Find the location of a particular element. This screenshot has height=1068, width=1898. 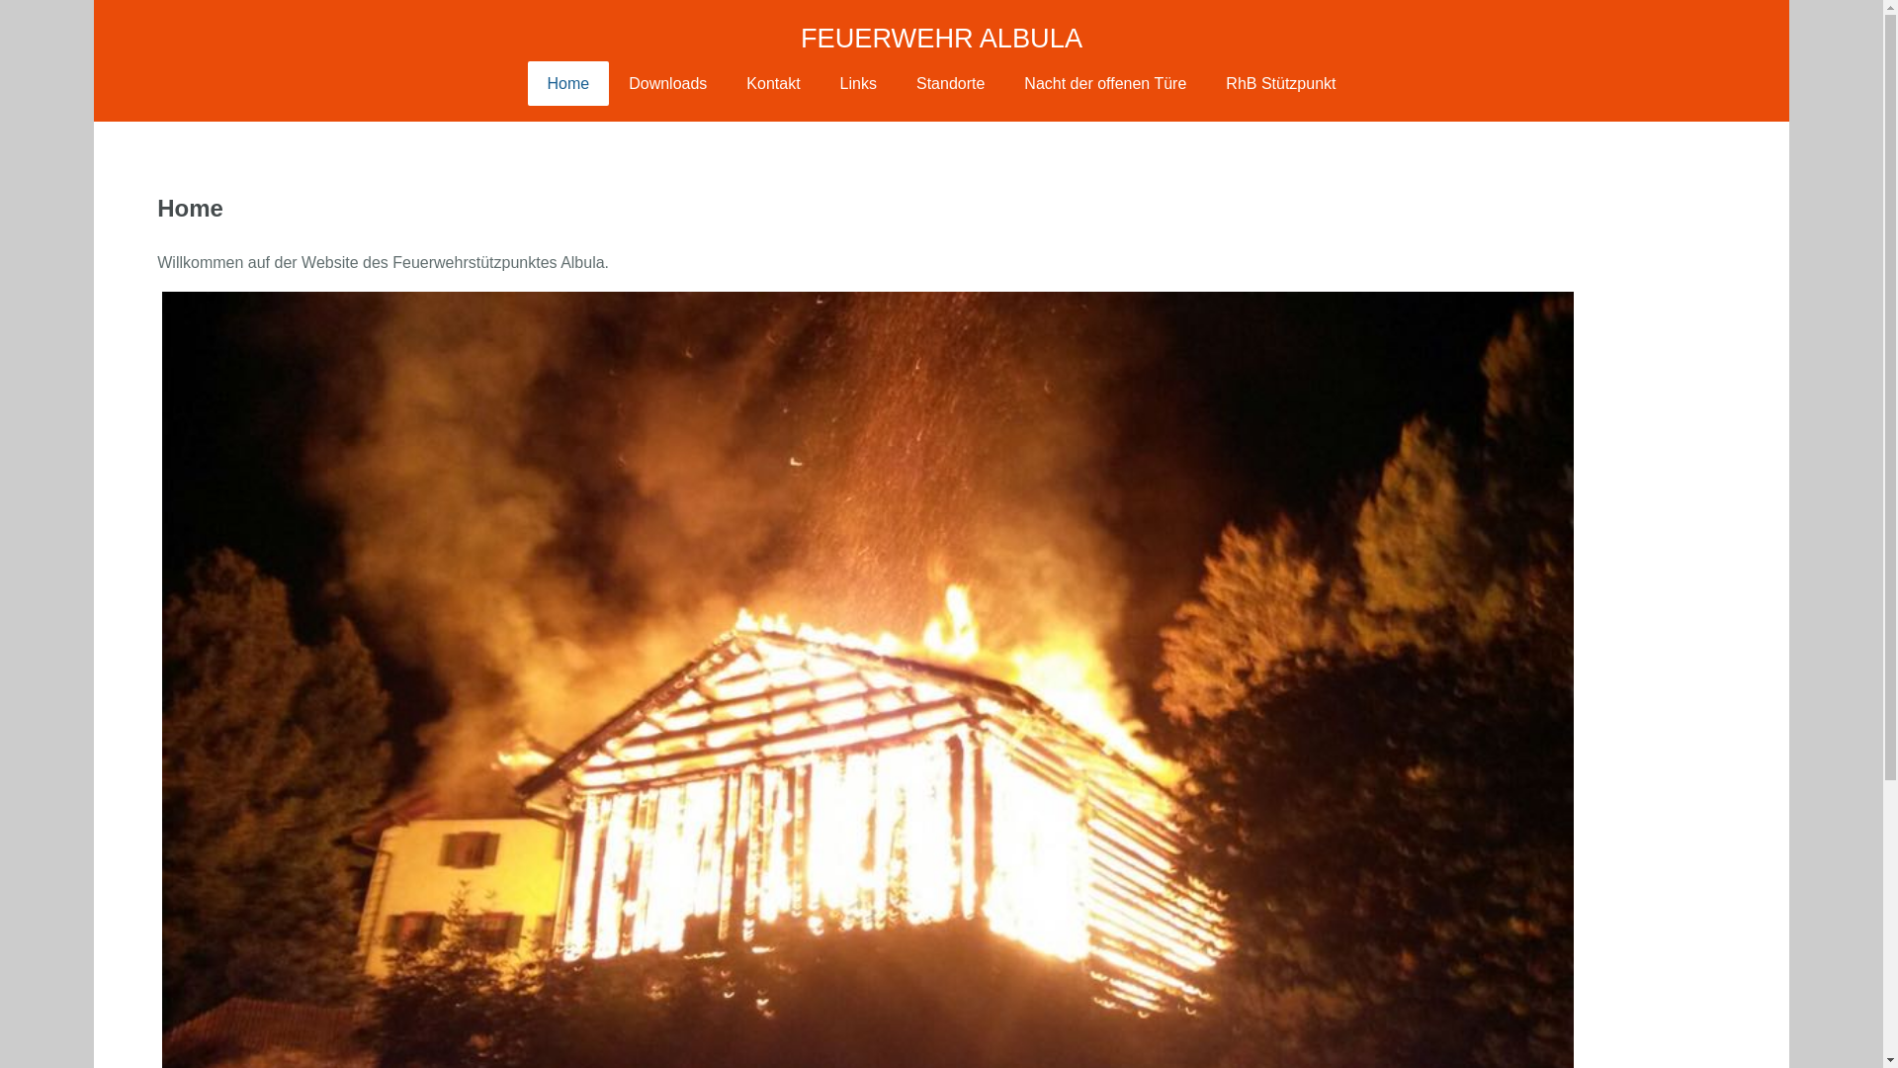

'Links' is located at coordinates (858, 82).